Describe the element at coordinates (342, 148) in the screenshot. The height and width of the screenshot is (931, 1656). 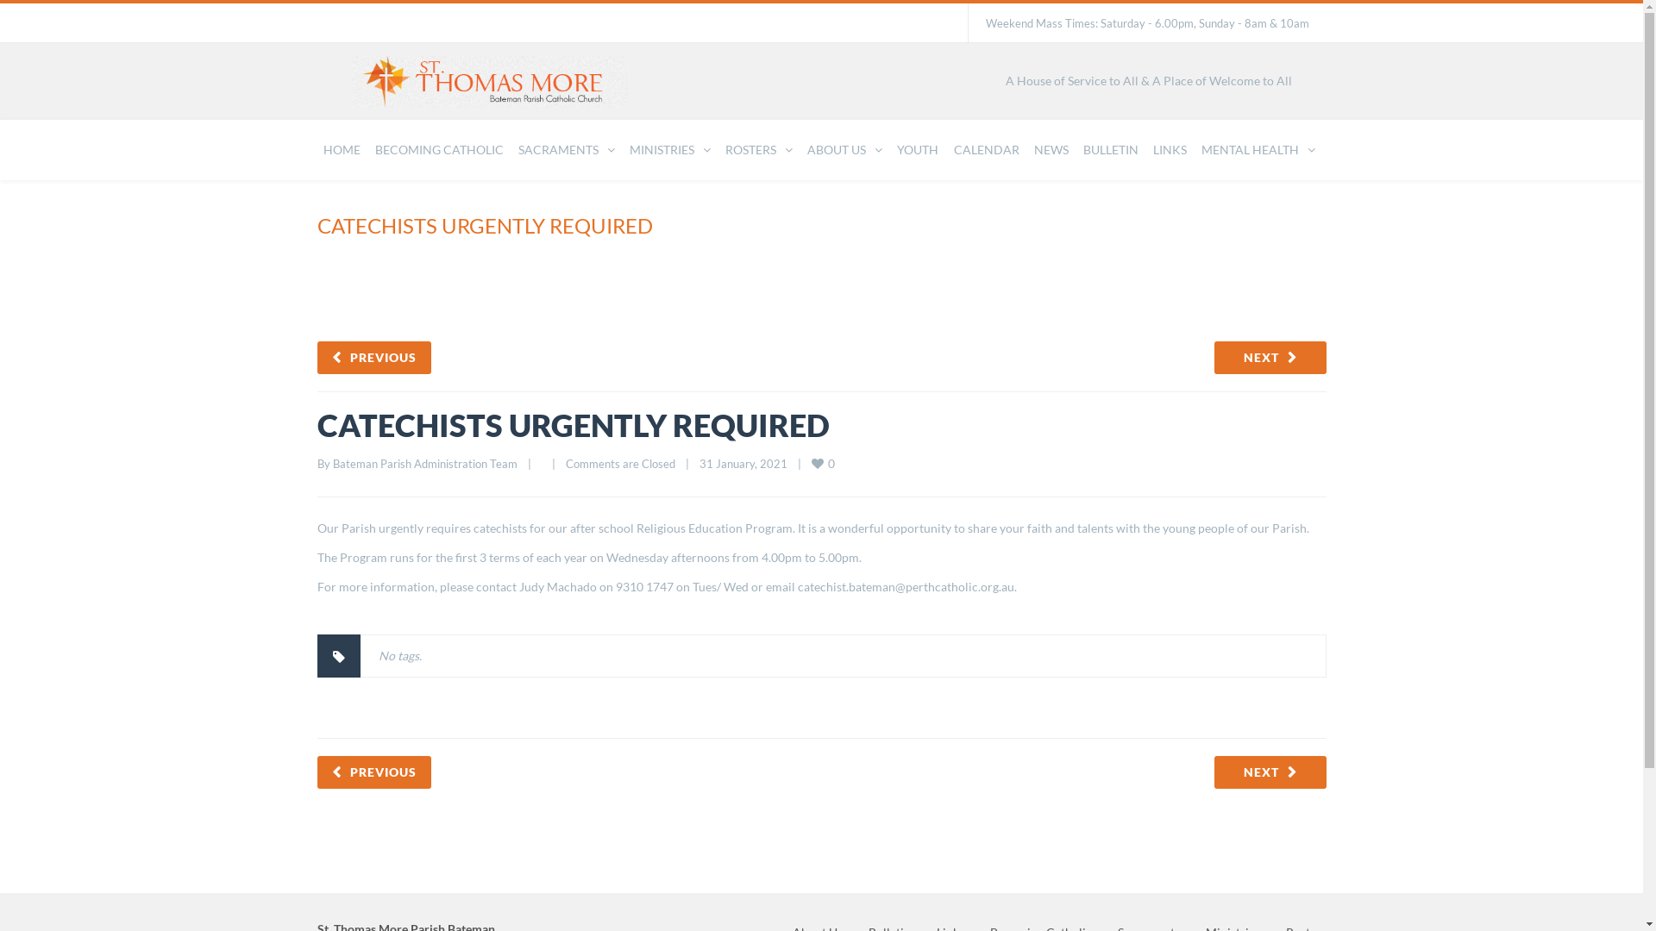
I see `'HOME'` at that location.